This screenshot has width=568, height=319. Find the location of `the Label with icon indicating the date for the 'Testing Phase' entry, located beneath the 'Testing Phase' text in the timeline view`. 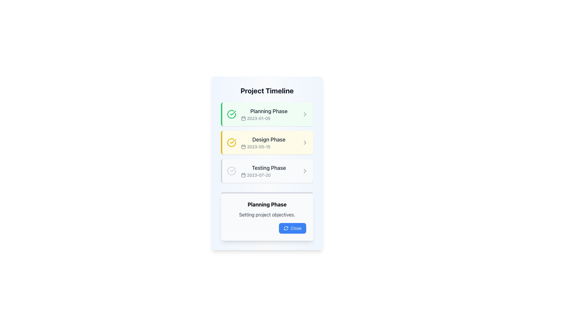

the Label with icon indicating the date for the 'Testing Phase' entry, located beneath the 'Testing Phase' text in the timeline view is located at coordinates (268, 175).